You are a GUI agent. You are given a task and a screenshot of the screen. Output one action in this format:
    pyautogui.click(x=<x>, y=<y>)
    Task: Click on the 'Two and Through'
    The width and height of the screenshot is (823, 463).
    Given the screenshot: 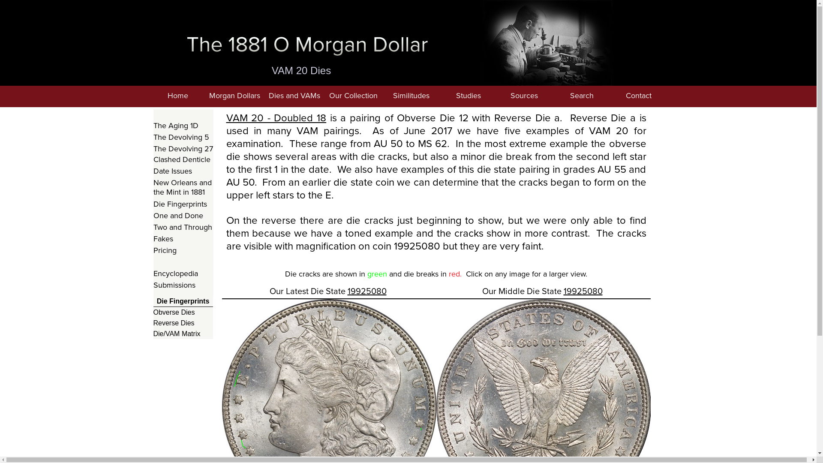 What is the action you would take?
    pyautogui.click(x=183, y=227)
    